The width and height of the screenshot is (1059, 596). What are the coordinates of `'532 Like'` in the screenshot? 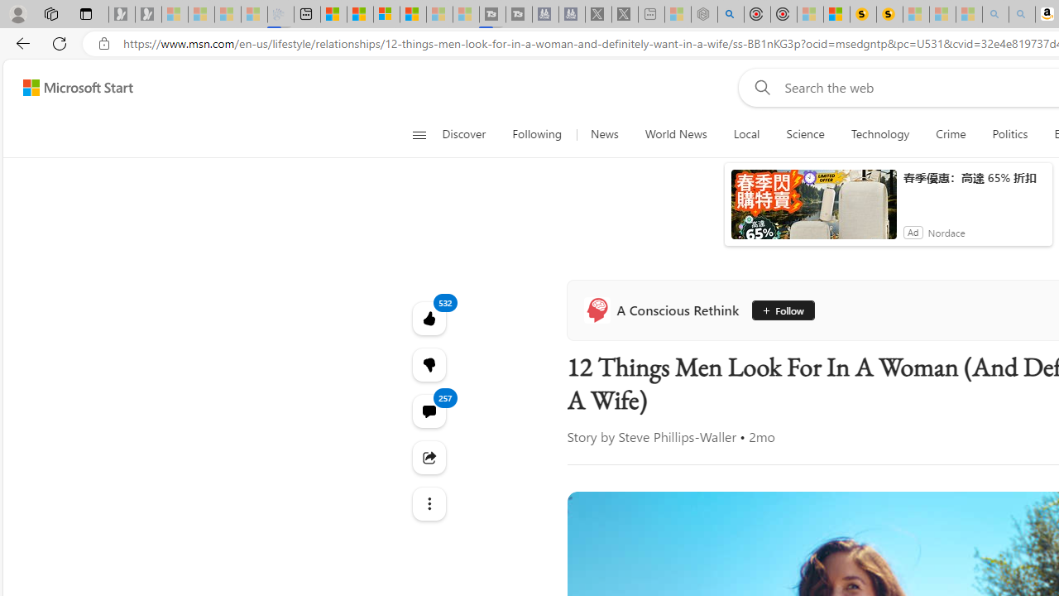 It's located at (429, 318).